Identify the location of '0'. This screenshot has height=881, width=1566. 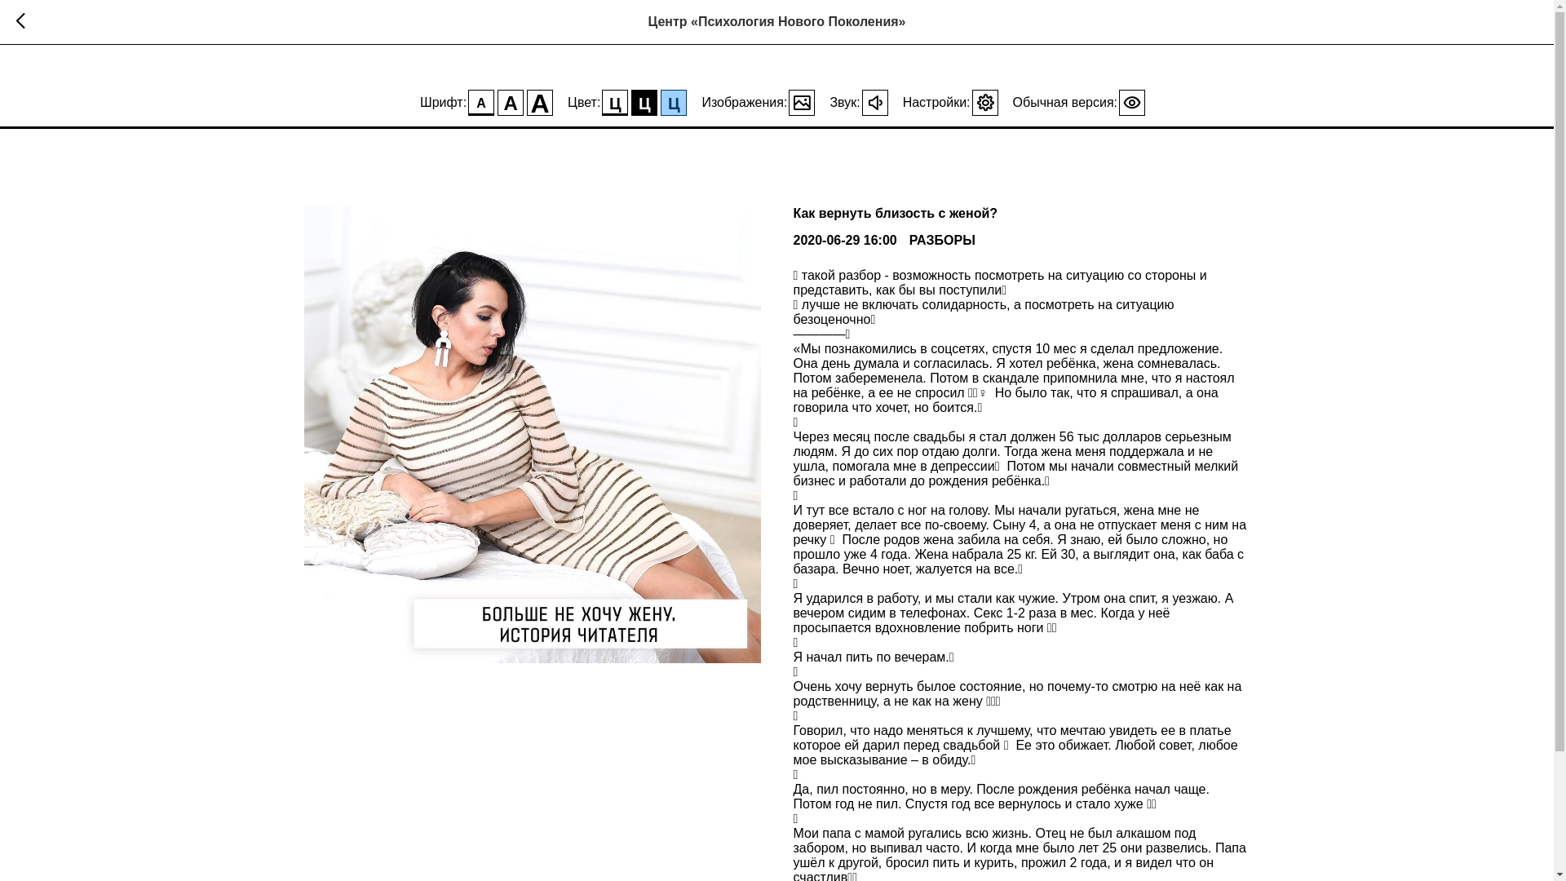
(874, 103).